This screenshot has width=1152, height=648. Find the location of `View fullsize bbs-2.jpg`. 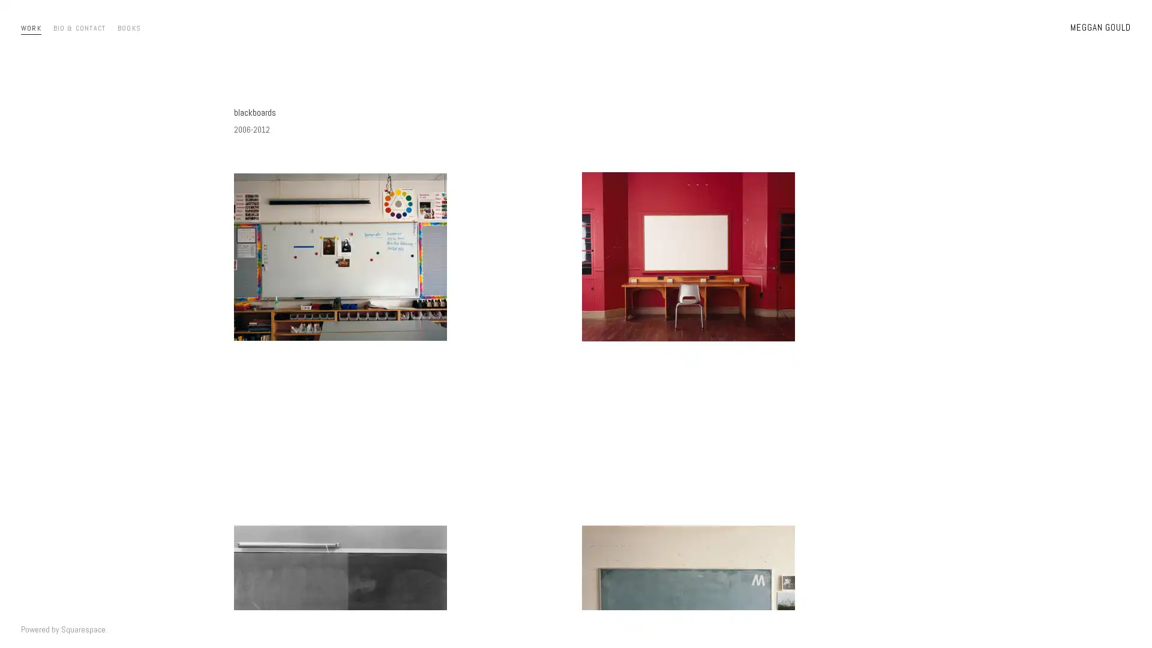

View fullsize bbs-2.jpg is located at coordinates (402, 317).